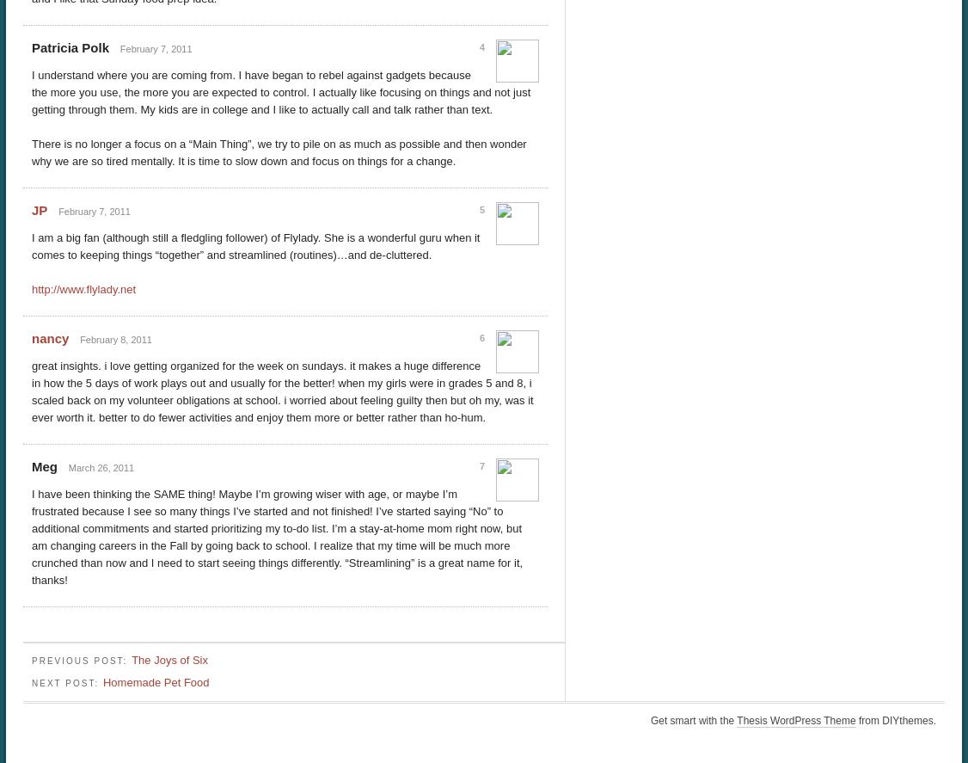 The height and width of the screenshot is (763, 968). What do you see at coordinates (82, 659) in the screenshot?
I see `'Previous post:'` at bounding box center [82, 659].